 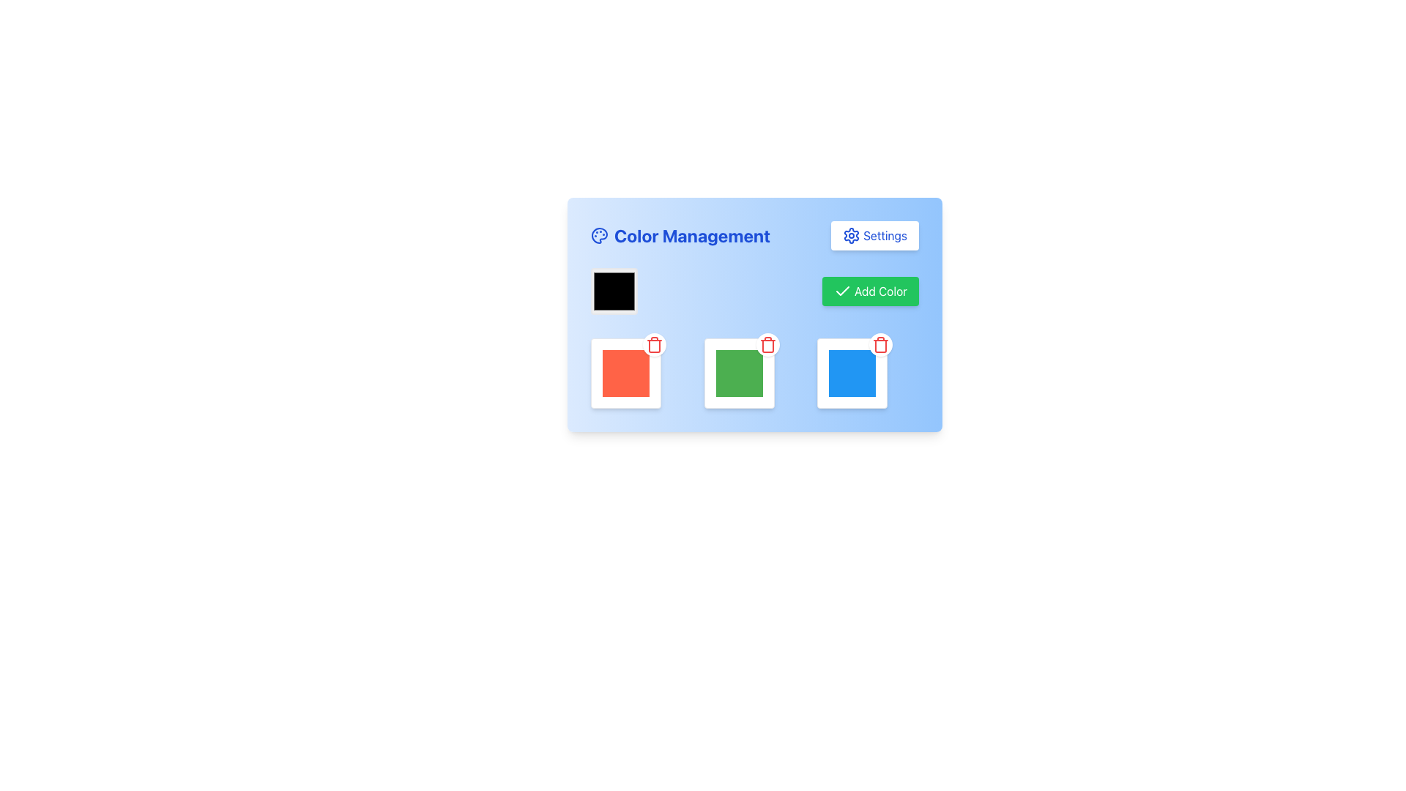 What do you see at coordinates (875, 234) in the screenshot?
I see `the 'Settings' button with a gear icon, located in the top-right corner of the 'Color Management' section` at bounding box center [875, 234].